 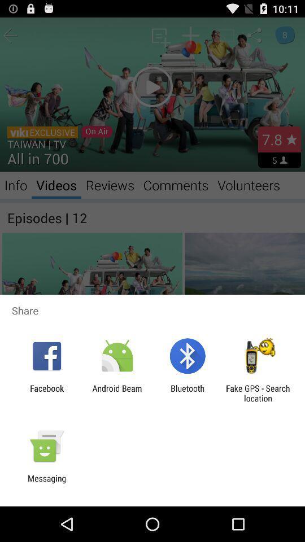 What do you see at coordinates (116, 393) in the screenshot?
I see `item next to the facebook item` at bounding box center [116, 393].